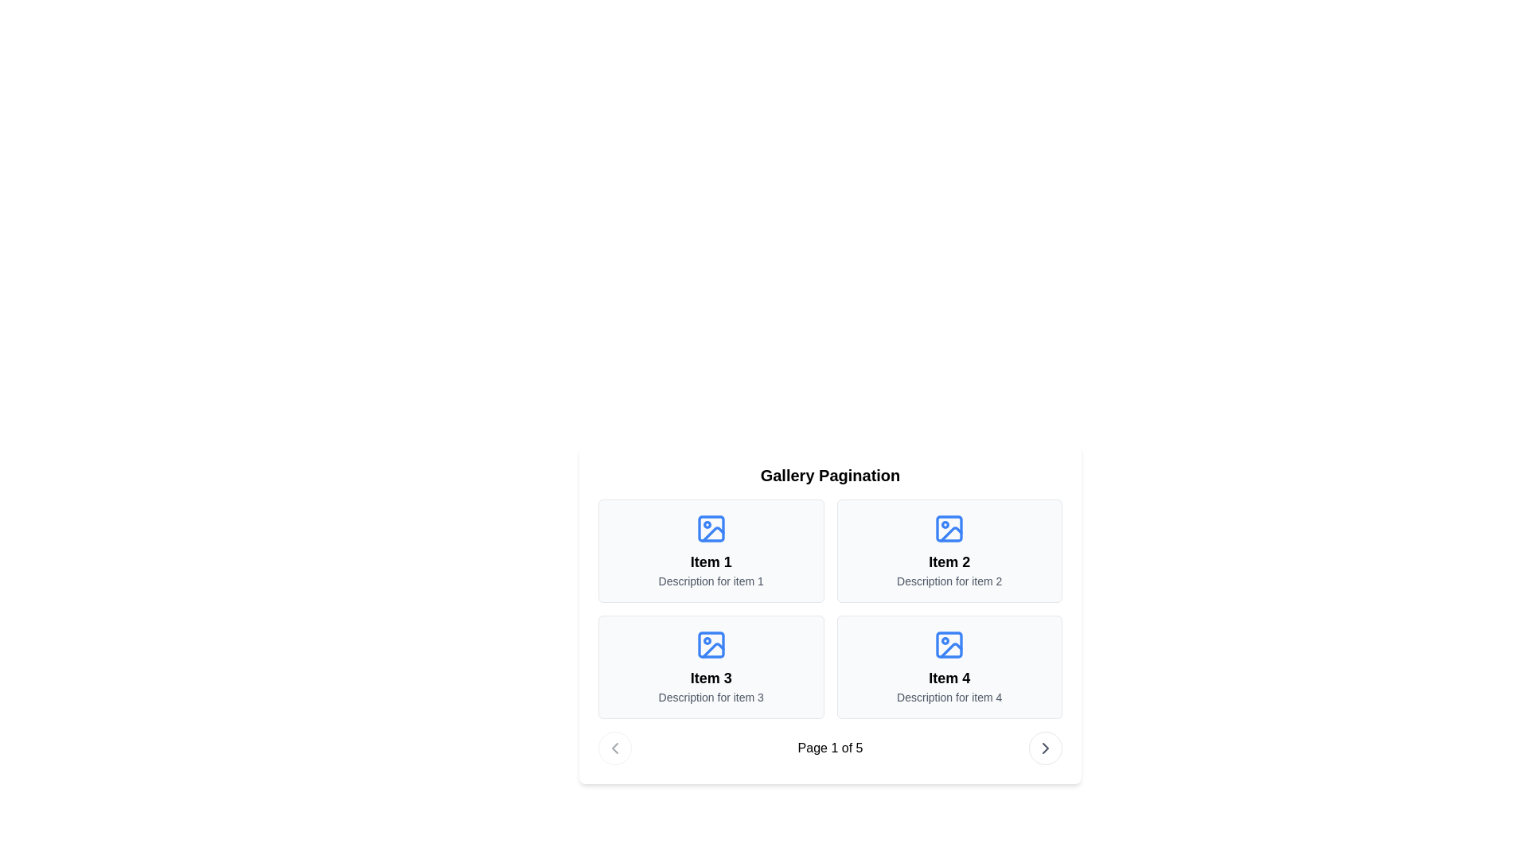 The width and height of the screenshot is (1528, 859). I want to click on the static text located in the bottom-right corner of the fourth card in the grid, which displays a title or label for the associated content, so click(949, 678).